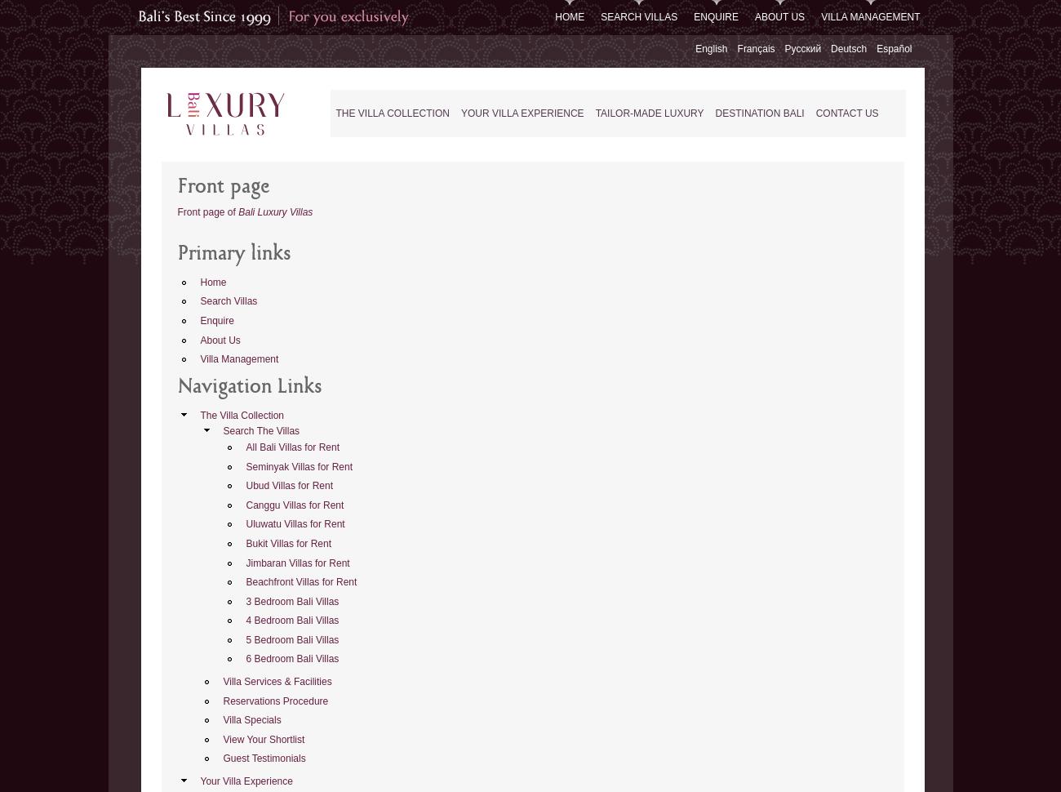 The width and height of the screenshot is (1061, 792). What do you see at coordinates (291, 445) in the screenshot?
I see `'All Bali Villas for Rent'` at bounding box center [291, 445].